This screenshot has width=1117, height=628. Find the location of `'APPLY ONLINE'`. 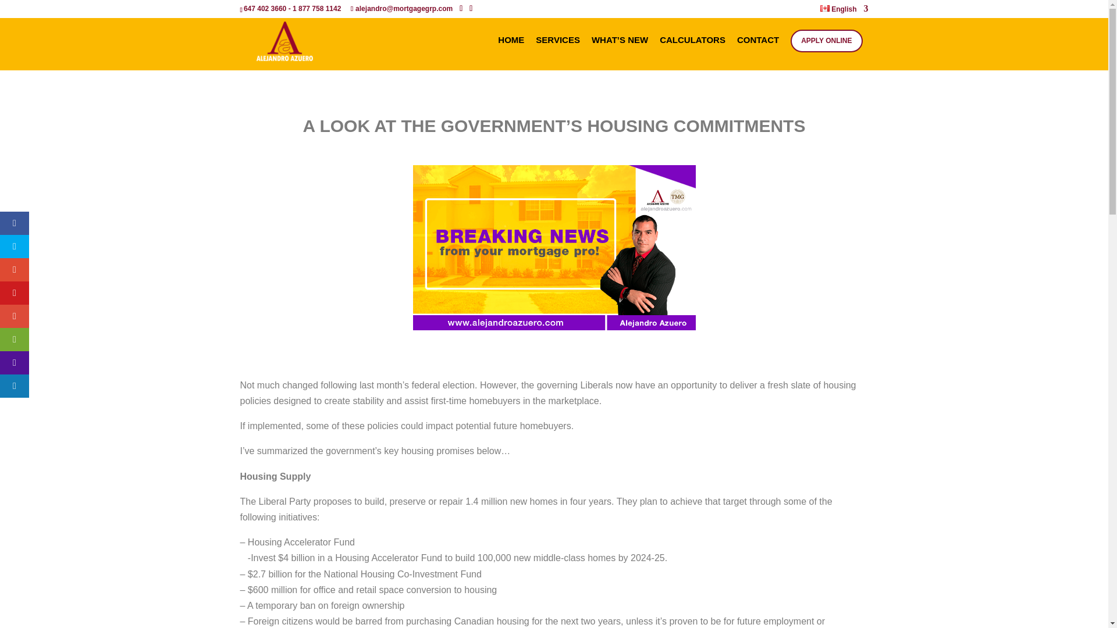

'APPLY ONLINE' is located at coordinates (826, 40).